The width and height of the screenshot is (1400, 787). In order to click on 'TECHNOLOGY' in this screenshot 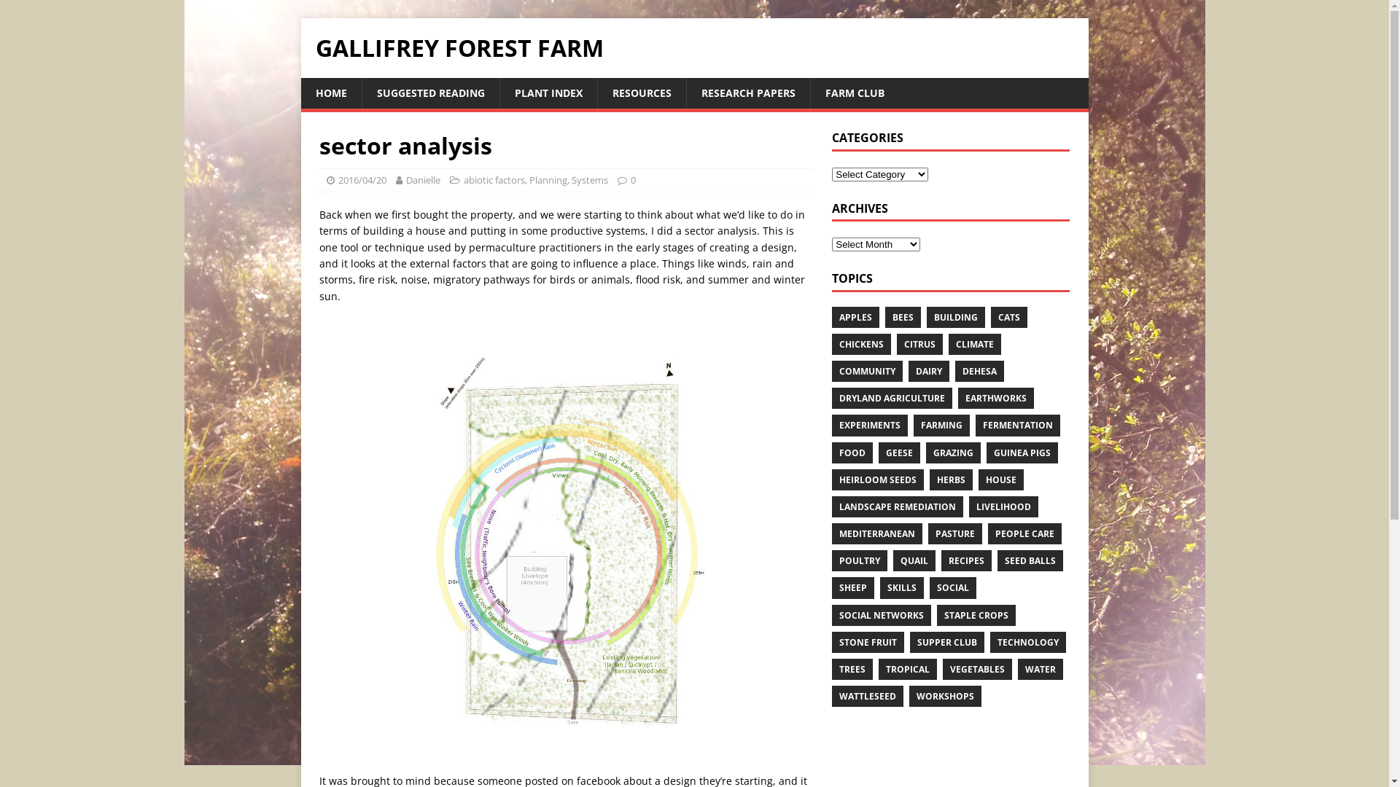, I will do `click(1027, 641)`.